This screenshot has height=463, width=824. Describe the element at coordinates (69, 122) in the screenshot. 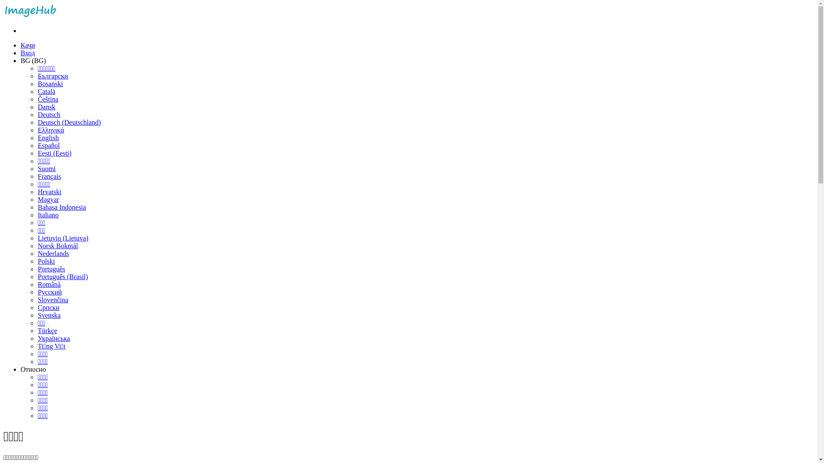

I see `'Deutsch (Deutschland)'` at that location.